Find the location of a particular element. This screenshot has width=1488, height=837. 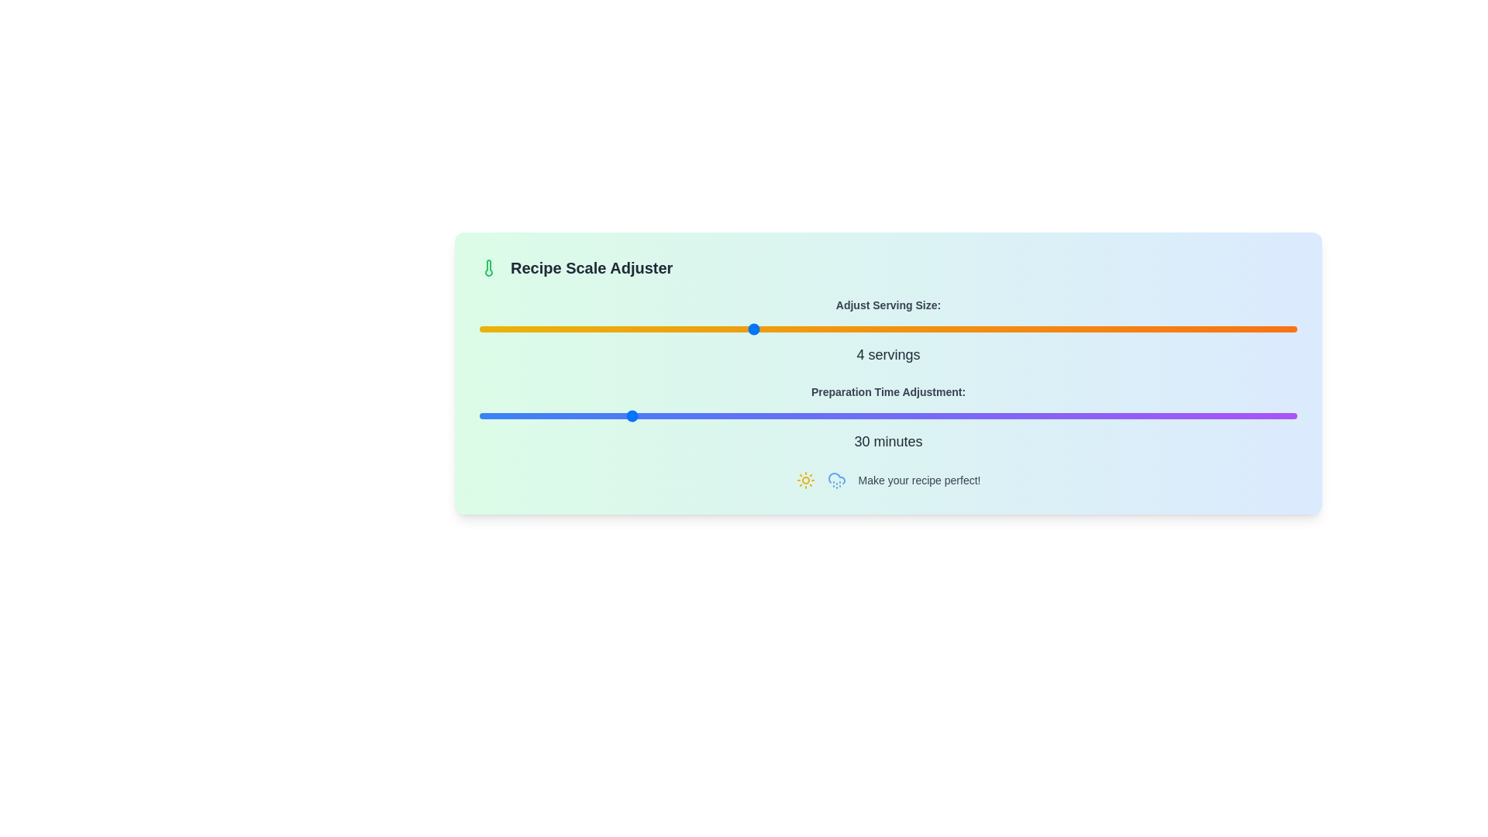

the preparation time is located at coordinates (553, 415).